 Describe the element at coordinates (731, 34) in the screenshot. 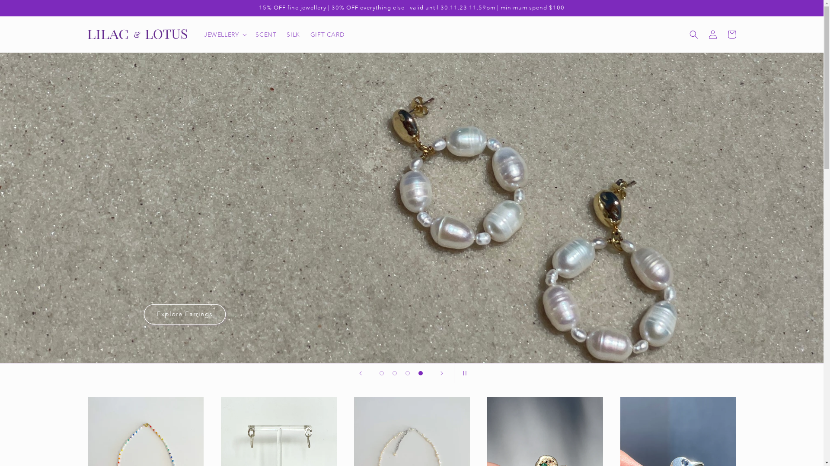

I see `'Cart'` at that location.